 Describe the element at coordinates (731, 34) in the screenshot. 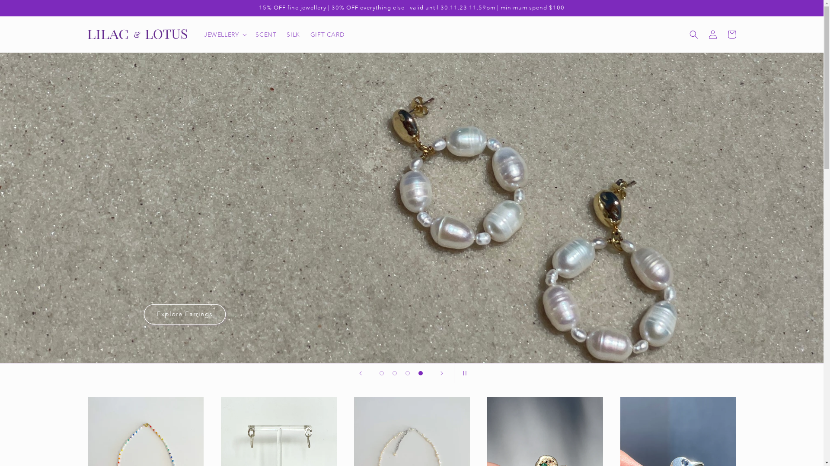

I see `'Cart'` at that location.